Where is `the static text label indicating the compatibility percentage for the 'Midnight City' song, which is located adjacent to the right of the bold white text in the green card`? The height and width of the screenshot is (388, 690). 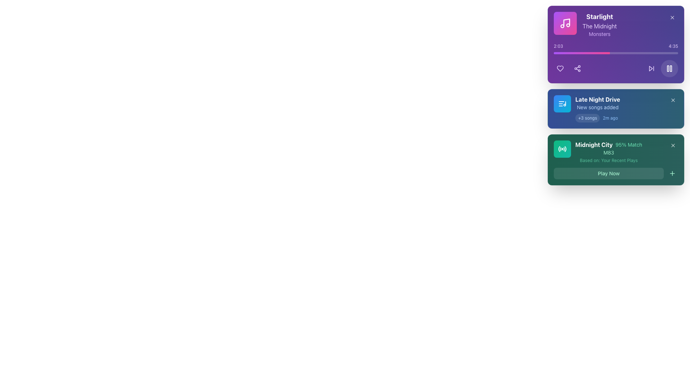 the static text label indicating the compatibility percentage for the 'Midnight City' song, which is located adjacent to the right of the bold white text in the green card is located at coordinates (628, 144).